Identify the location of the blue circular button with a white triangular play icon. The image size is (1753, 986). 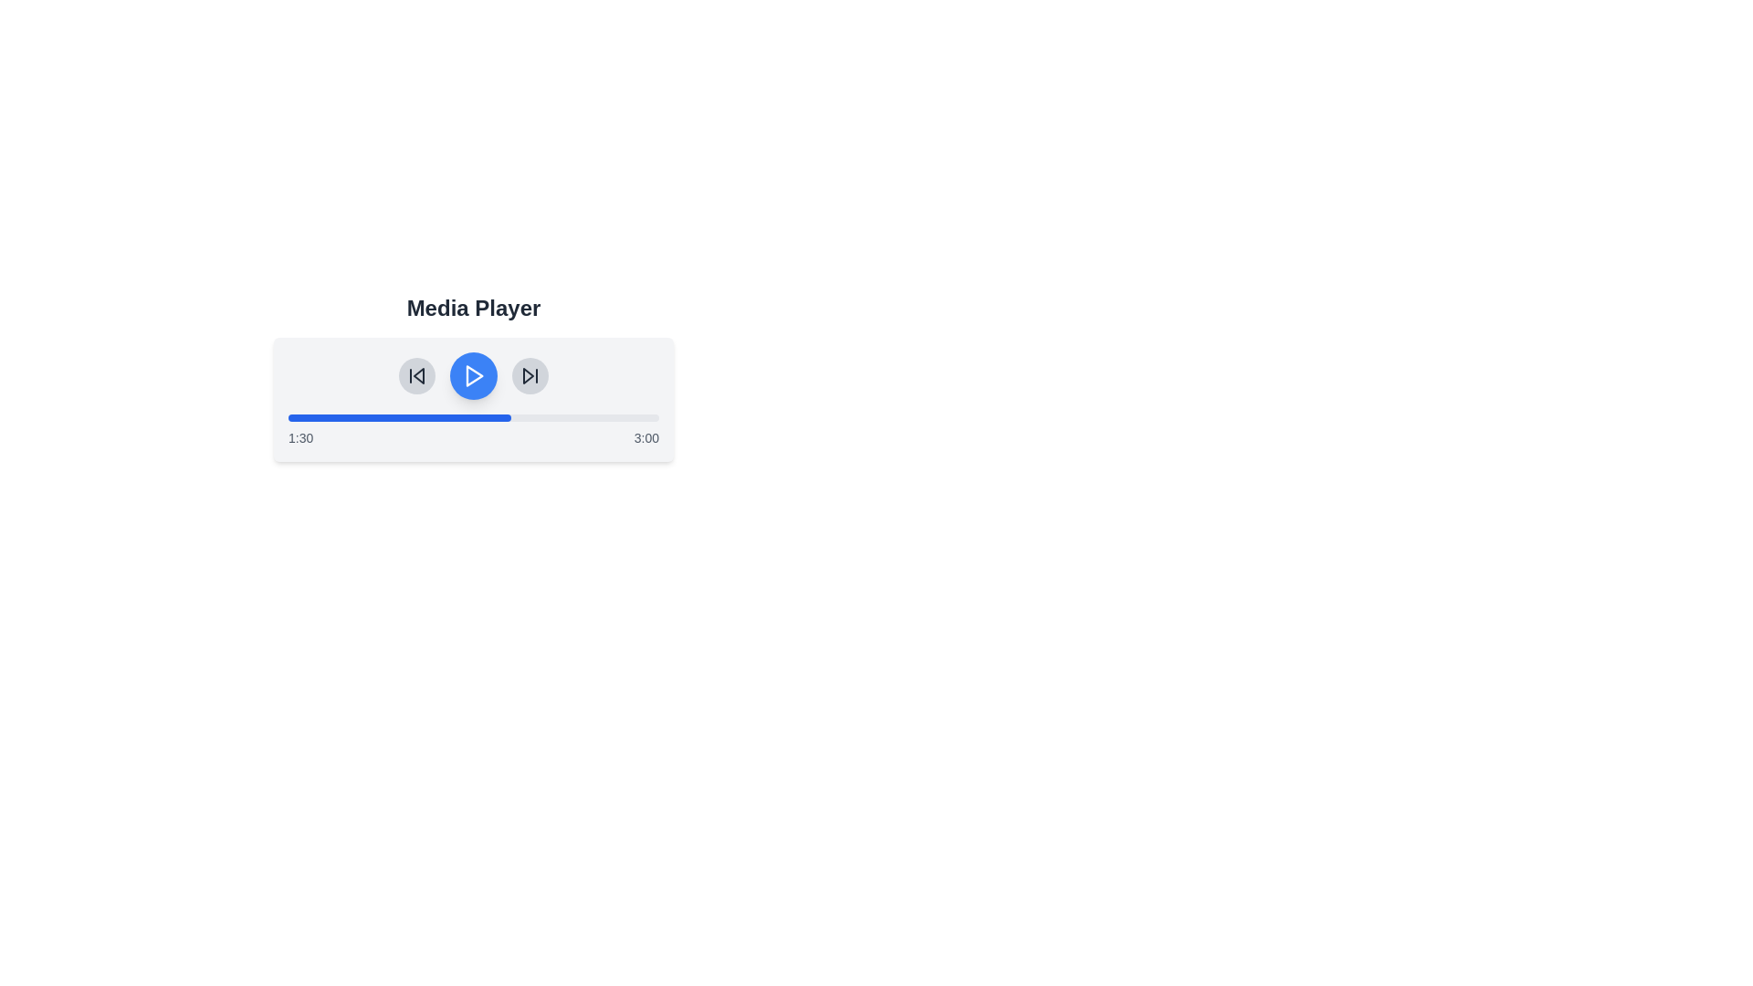
(473, 375).